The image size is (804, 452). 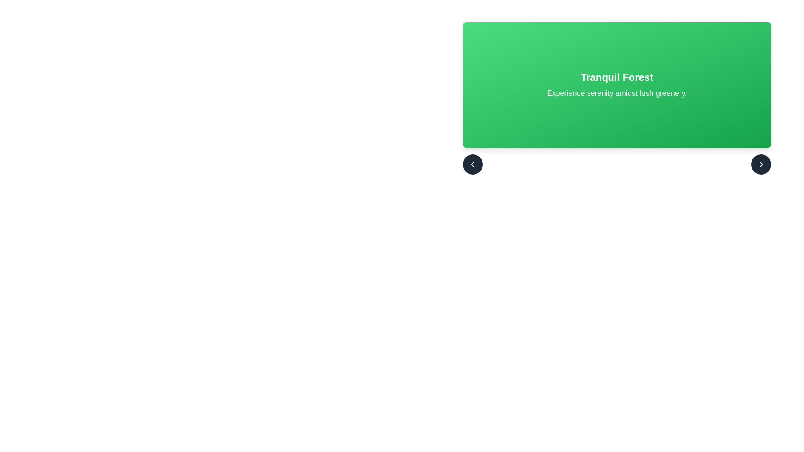 What do you see at coordinates (617, 92) in the screenshot?
I see `the informational panel titled 'Tranquil Forest' which features a green gradient background and white, centered text including a subtitle 'Experience serenity amidst lush greenery.'` at bounding box center [617, 92].